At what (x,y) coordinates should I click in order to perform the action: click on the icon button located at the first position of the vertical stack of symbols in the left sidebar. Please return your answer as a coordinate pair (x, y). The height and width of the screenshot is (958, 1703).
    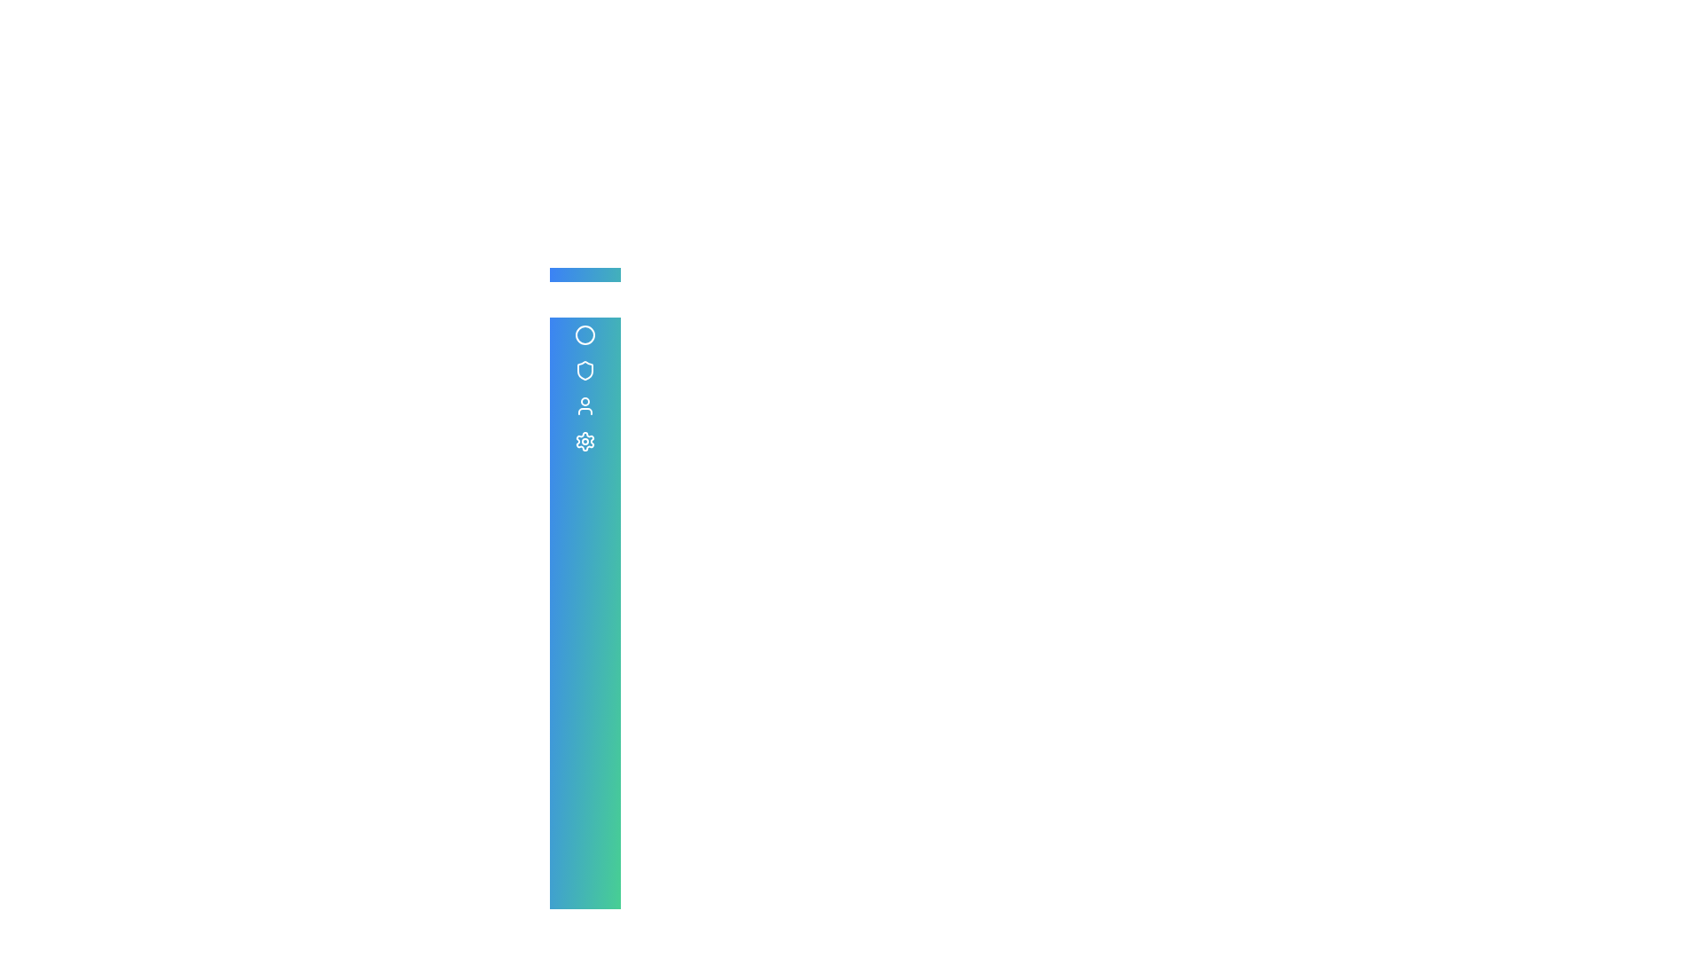
    Looking at the image, I should click on (585, 335).